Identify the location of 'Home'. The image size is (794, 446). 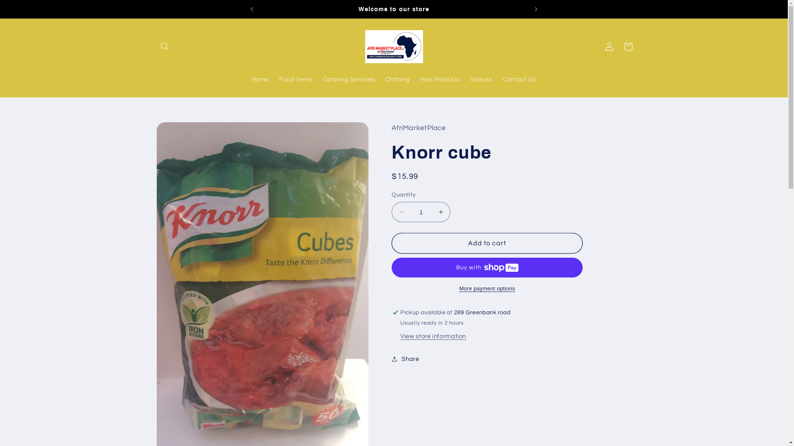
(260, 80).